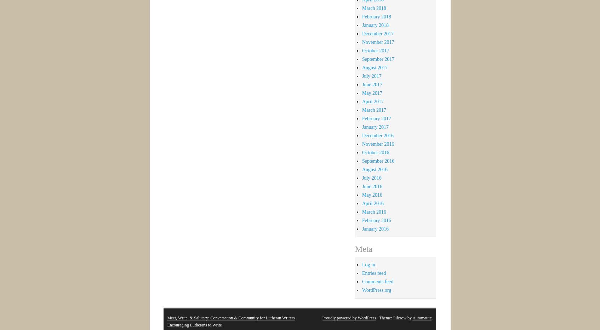 The width and height of the screenshot is (600, 330). What do you see at coordinates (378, 160) in the screenshot?
I see `'September 2016'` at bounding box center [378, 160].